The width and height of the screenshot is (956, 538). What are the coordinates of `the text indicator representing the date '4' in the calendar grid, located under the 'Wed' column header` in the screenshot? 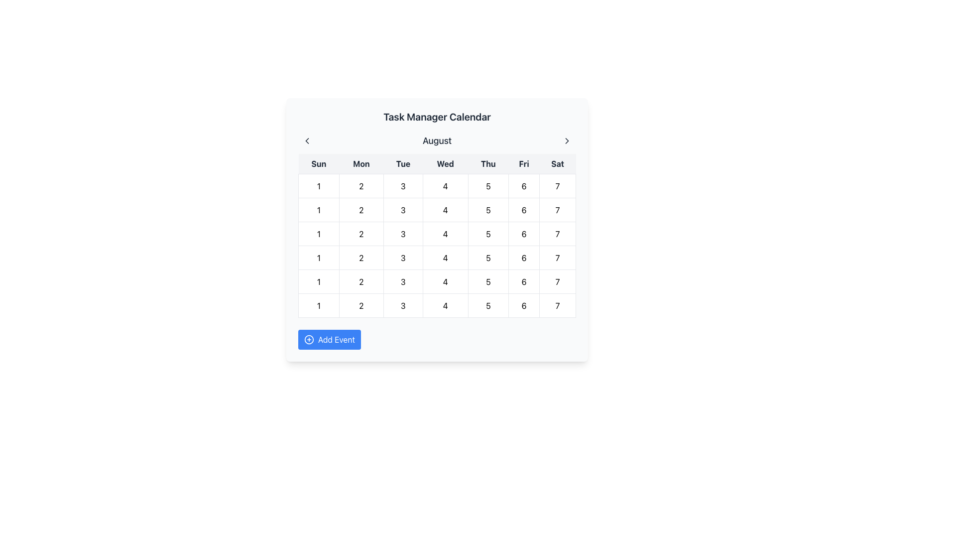 It's located at (445, 186).